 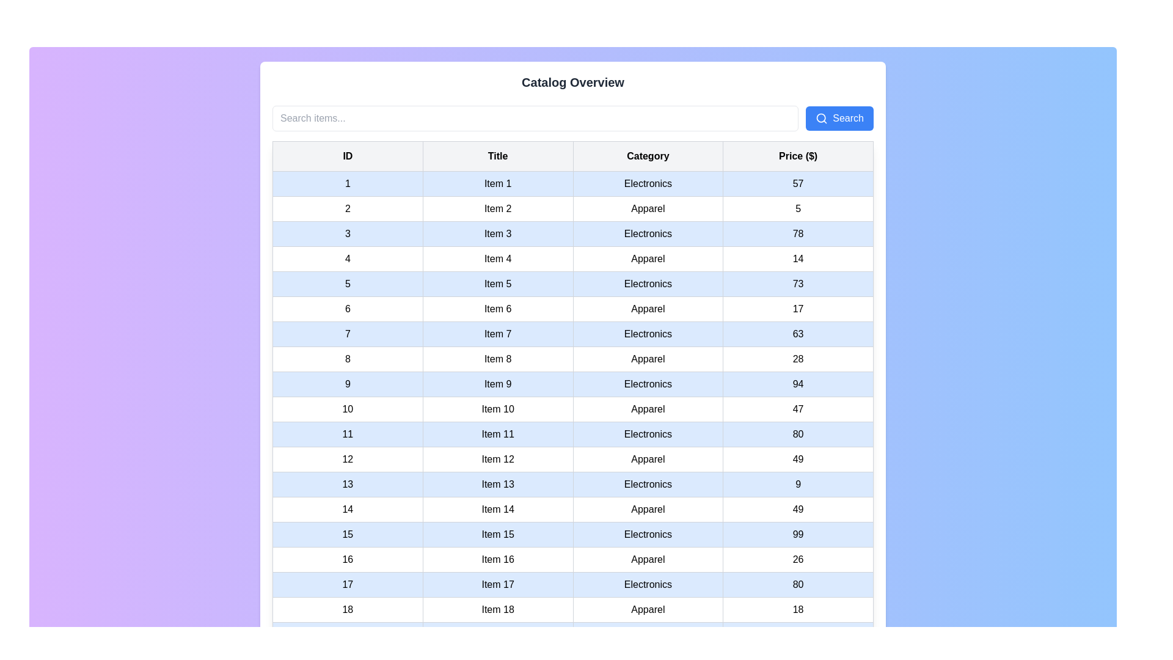 I want to click on the table cell containing the text '17', which is styled with a light blue background and black text, located in the 17th row of the table, so click(x=347, y=584).